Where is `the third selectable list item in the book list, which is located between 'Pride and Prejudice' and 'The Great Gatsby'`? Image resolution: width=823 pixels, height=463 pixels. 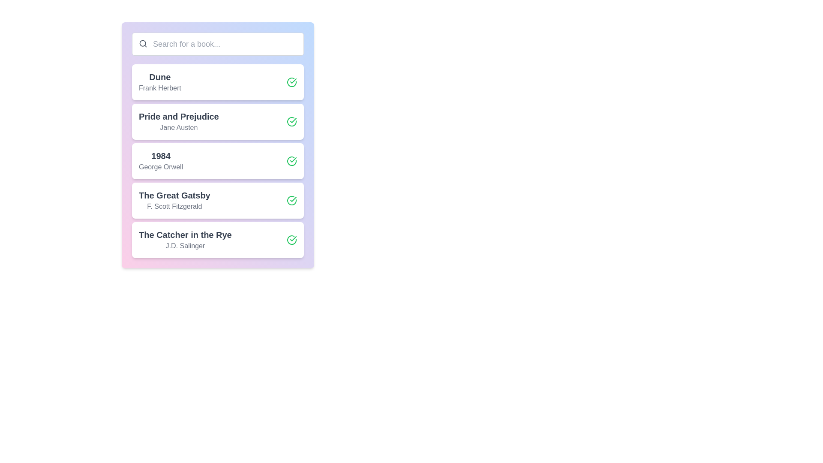 the third selectable list item in the book list, which is located between 'Pride and Prejudice' and 'The Great Gatsby' is located at coordinates (218, 161).